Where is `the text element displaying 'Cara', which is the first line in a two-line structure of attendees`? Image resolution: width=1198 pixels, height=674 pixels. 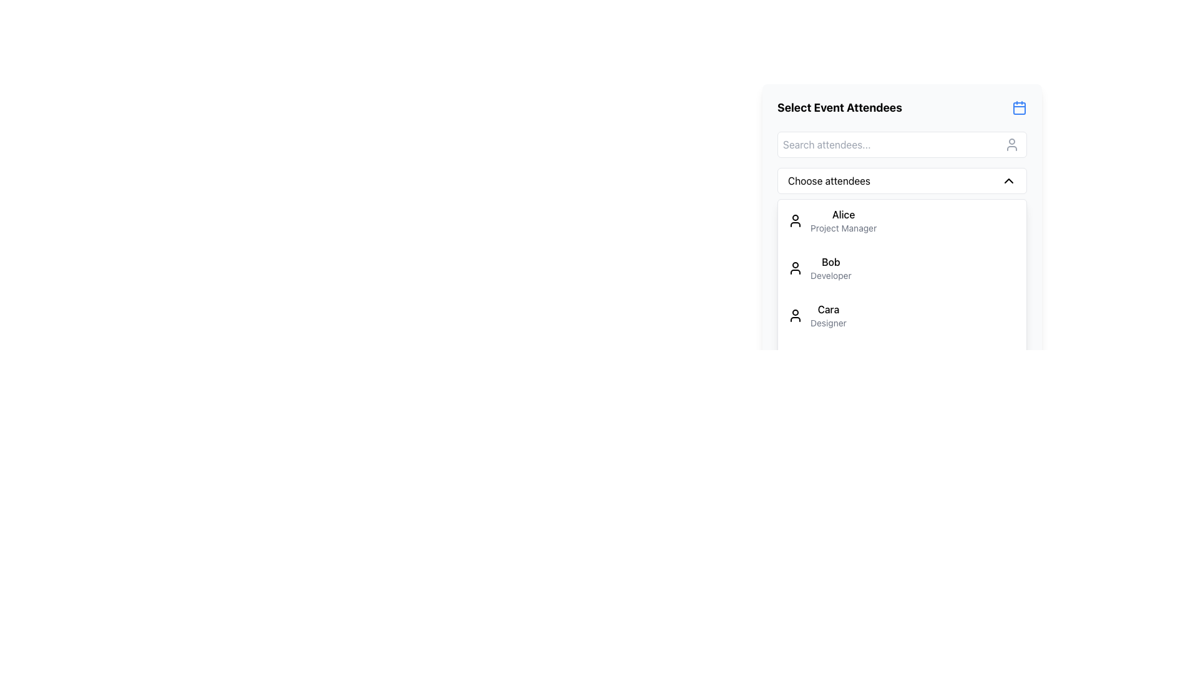
the text element displaying 'Cara', which is the first line in a two-line structure of attendees is located at coordinates (828, 309).